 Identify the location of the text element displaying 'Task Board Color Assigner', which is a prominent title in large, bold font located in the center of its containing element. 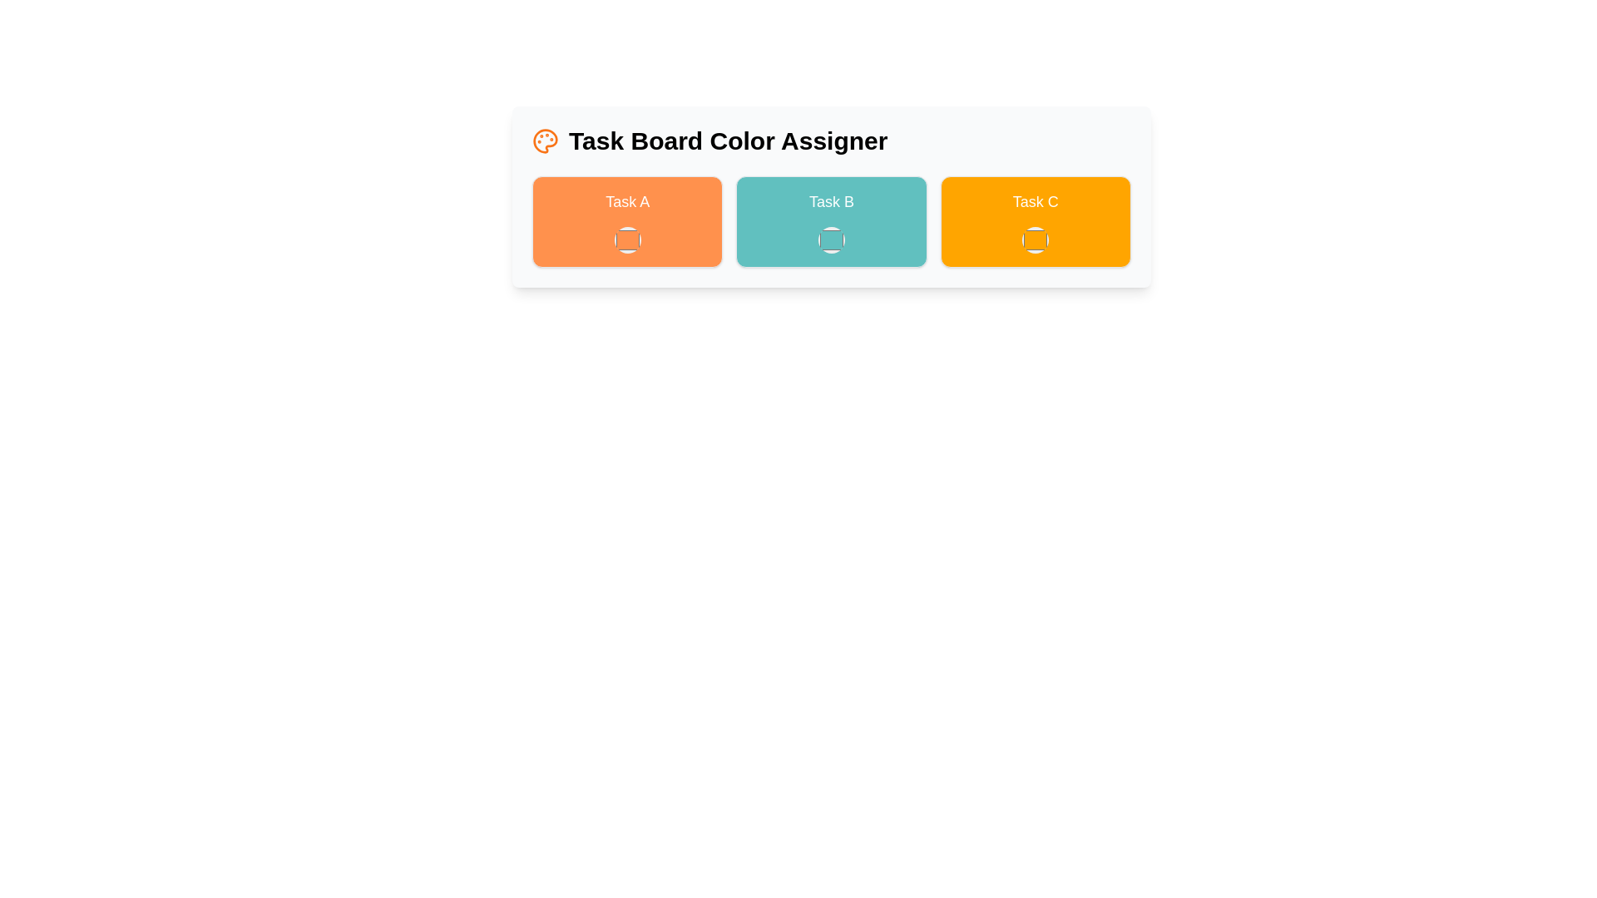
(728, 140).